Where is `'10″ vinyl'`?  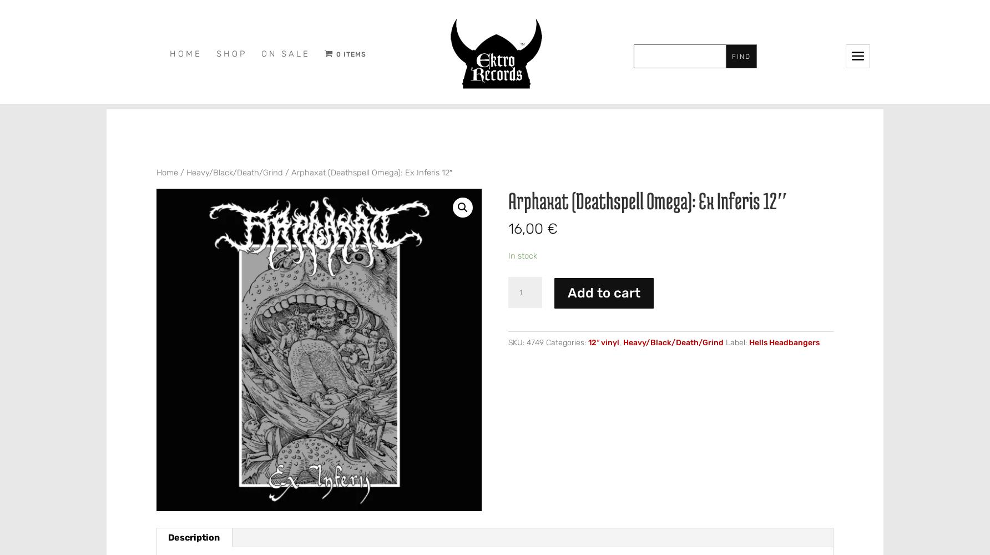 '10″ vinyl' is located at coordinates (360, 174).